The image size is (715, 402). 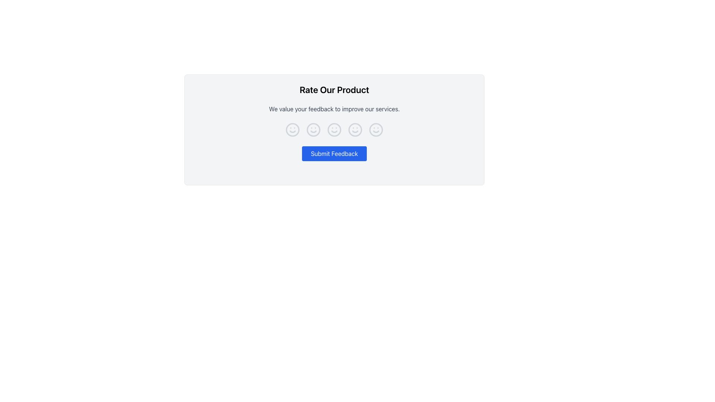 What do you see at coordinates (334, 109) in the screenshot?
I see `the static text that encourages user feedback, located below the heading 'Rate Our Product' and above the feedback icons` at bounding box center [334, 109].